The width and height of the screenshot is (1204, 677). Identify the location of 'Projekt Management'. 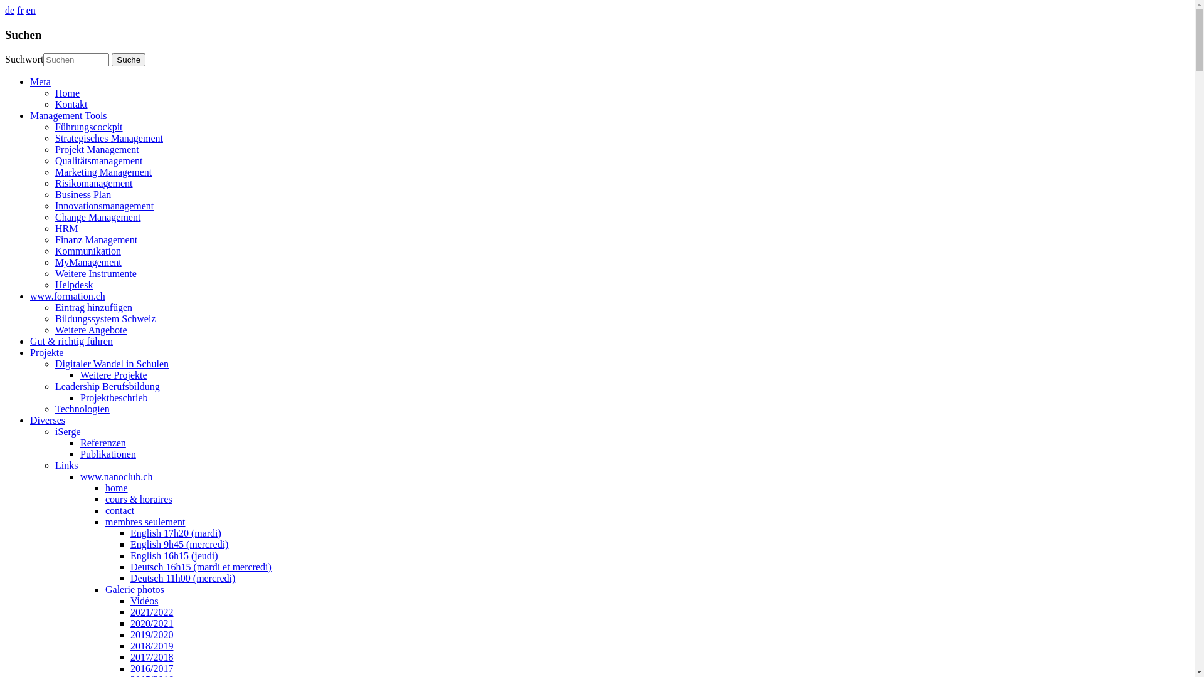
(96, 149).